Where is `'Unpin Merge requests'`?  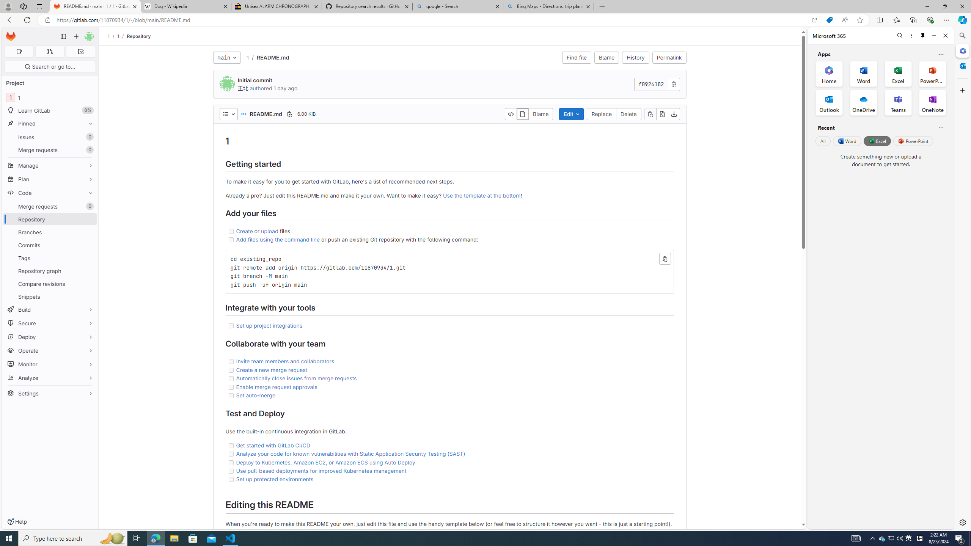
'Unpin Merge requests' is located at coordinates (88, 206).